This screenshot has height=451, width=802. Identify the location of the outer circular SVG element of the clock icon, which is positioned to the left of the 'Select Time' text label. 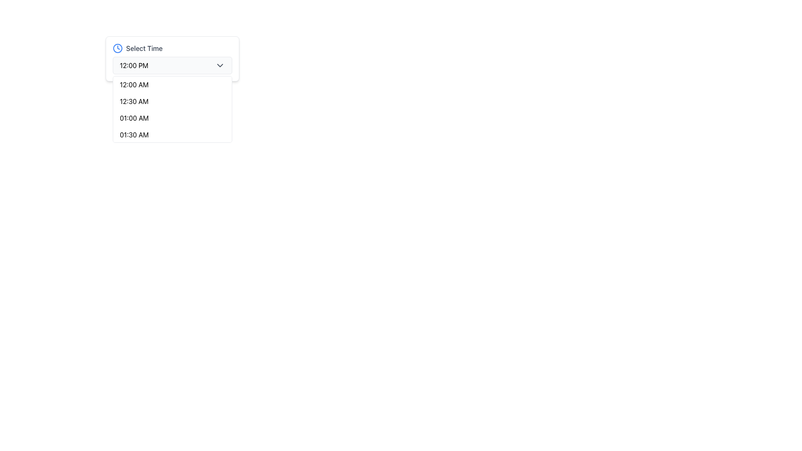
(117, 48).